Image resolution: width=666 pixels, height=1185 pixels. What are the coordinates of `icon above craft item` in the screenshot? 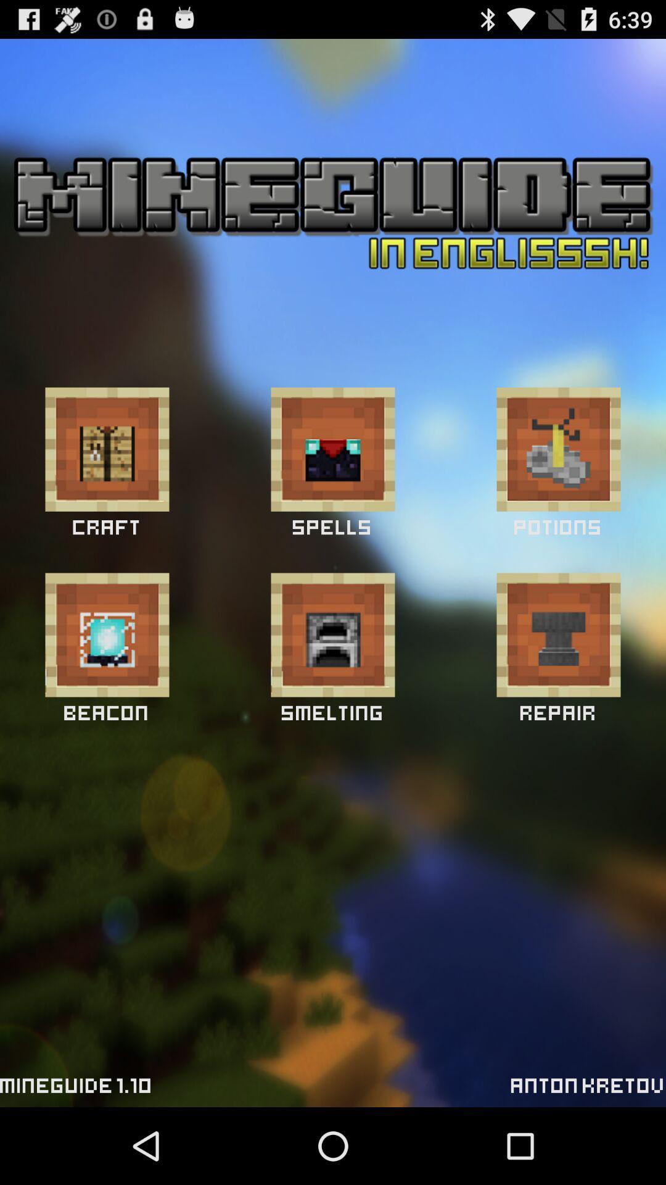 It's located at (106, 449).